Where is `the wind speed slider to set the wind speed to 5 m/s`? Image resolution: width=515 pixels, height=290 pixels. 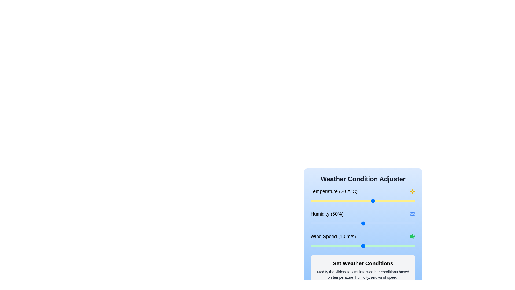 the wind speed slider to set the wind speed to 5 m/s is located at coordinates (336, 246).